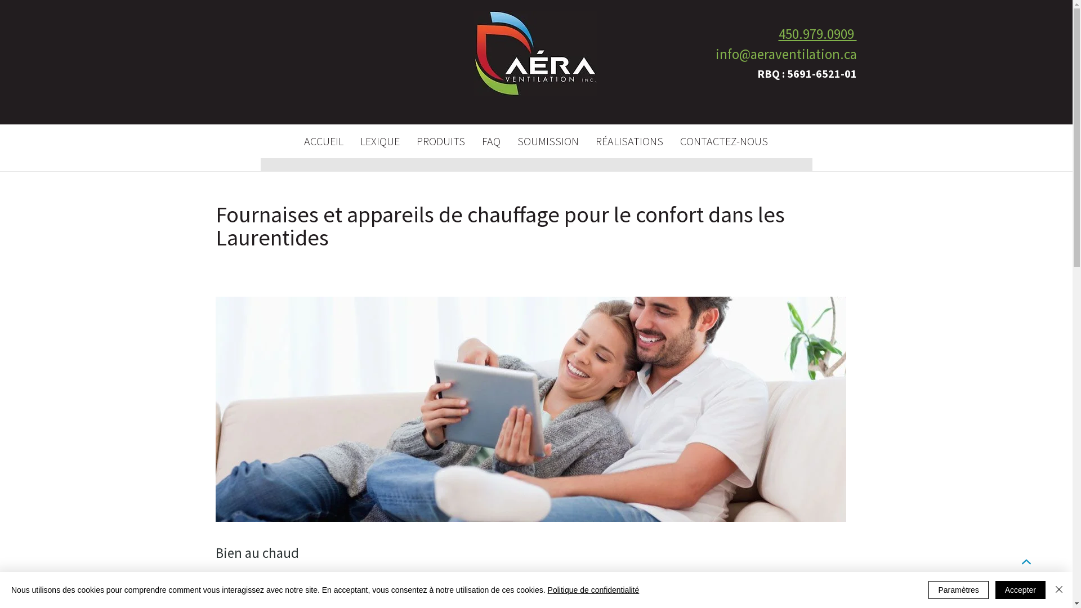  What do you see at coordinates (323, 140) in the screenshot?
I see `'ACCUEIL'` at bounding box center [323, 140].